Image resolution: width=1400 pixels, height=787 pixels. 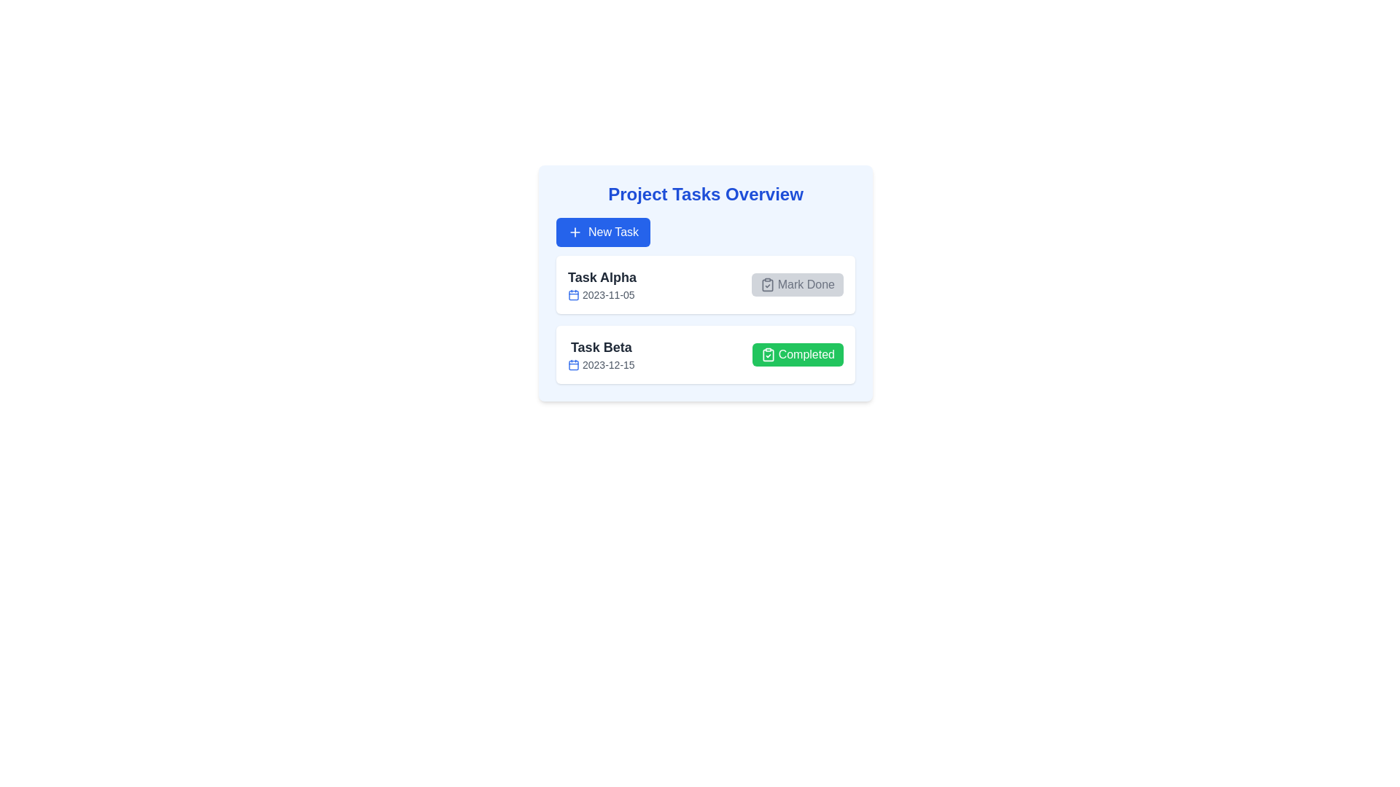 What do you see at coordinates (601, 364) in the screenshot?
I see `date displayed in the gray text label '2023-12-15', which is located below 'Task Beta' and next to the calendar icon` at bounding box center [601, 364].